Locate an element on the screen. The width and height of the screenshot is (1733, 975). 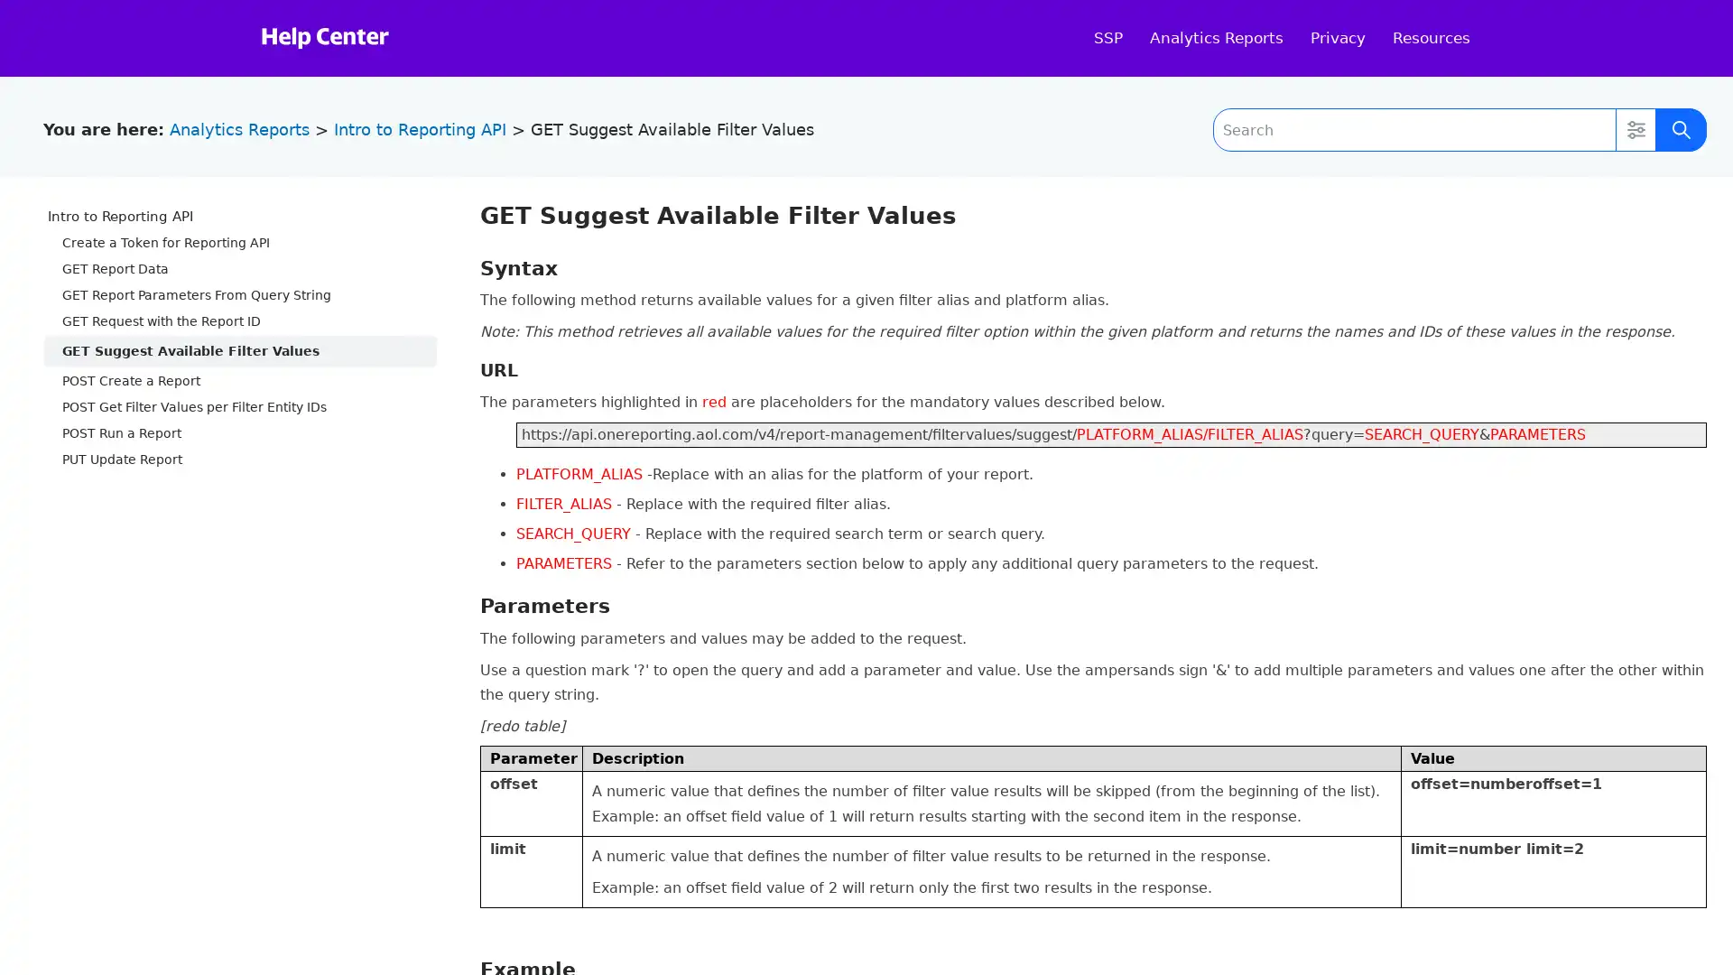
Submit Search is located at coordinates (1680, 128).